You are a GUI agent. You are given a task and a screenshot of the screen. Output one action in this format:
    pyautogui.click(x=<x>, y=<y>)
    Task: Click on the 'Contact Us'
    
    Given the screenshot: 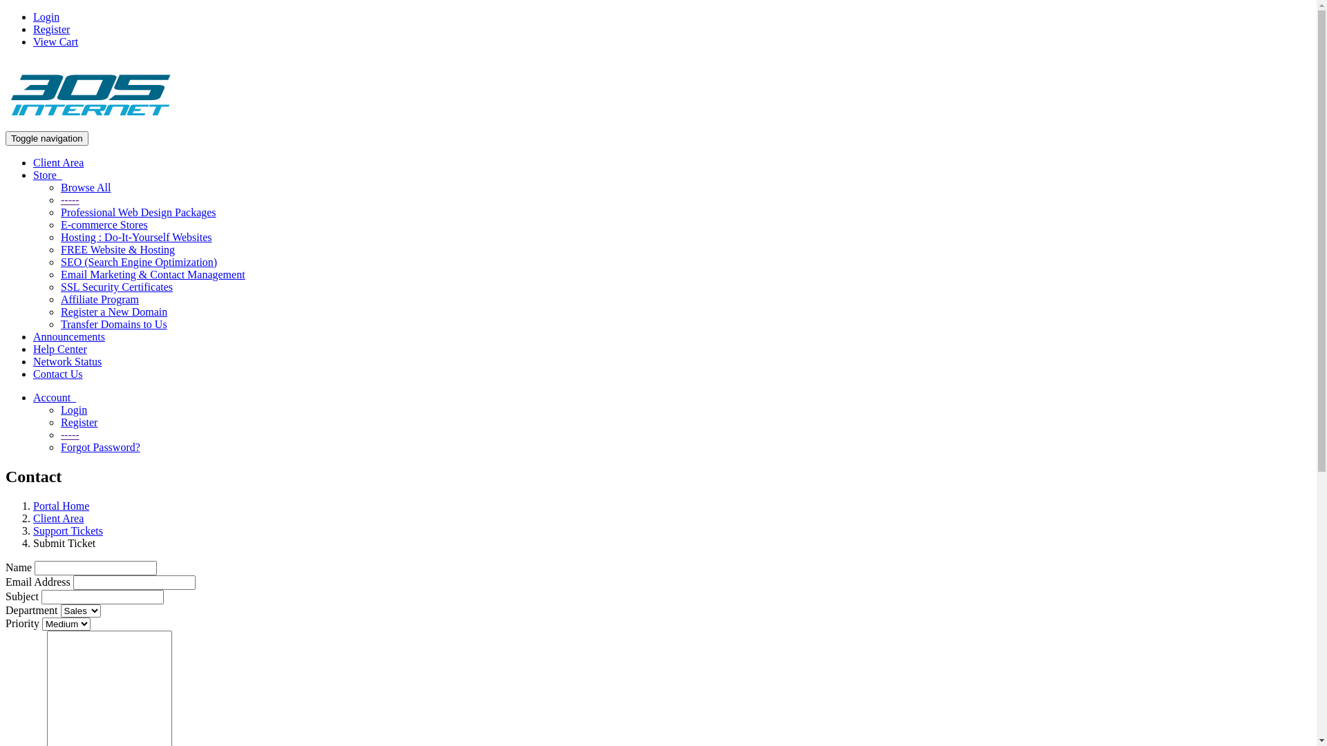 What is the action you would take?
    pyautogui.click(x=33, y=374)
    